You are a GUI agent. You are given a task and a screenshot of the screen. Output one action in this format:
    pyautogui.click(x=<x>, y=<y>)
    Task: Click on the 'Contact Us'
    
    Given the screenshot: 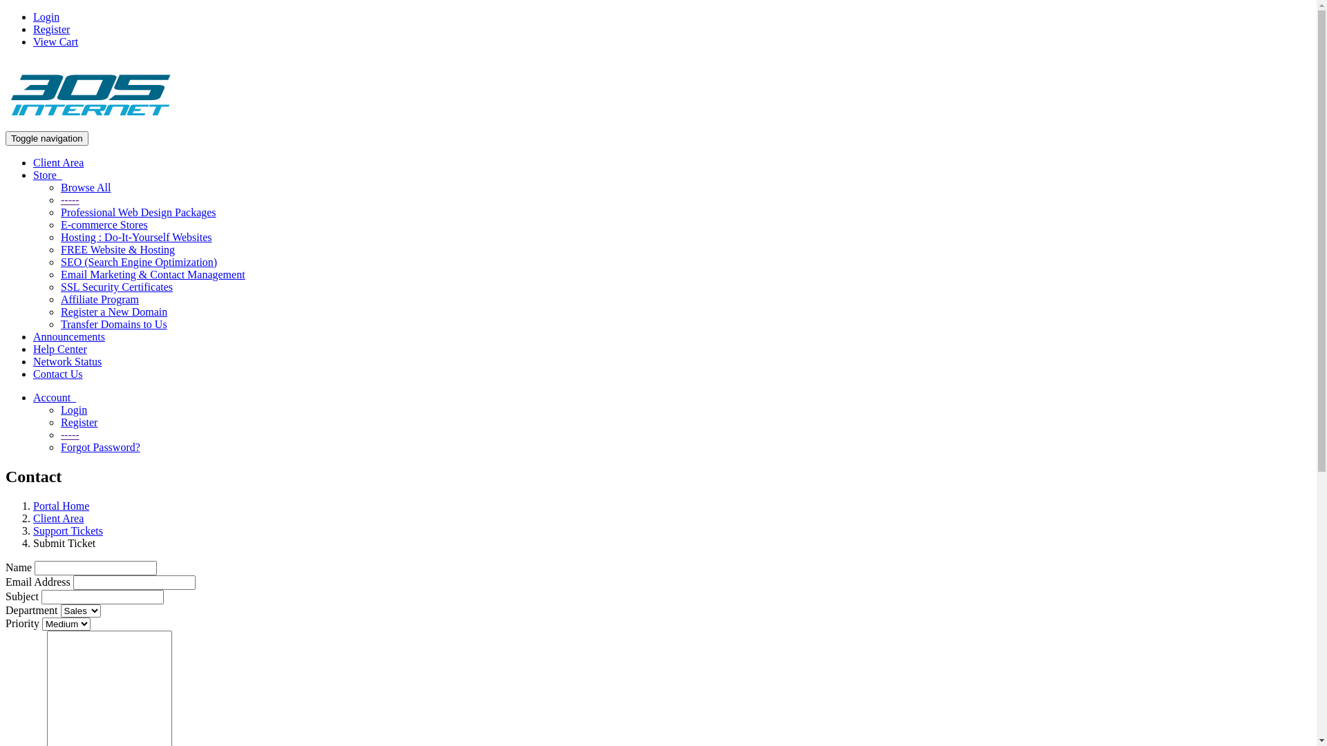 What is the action you would take?
    pyautogui.click(x=33, y=374)
    